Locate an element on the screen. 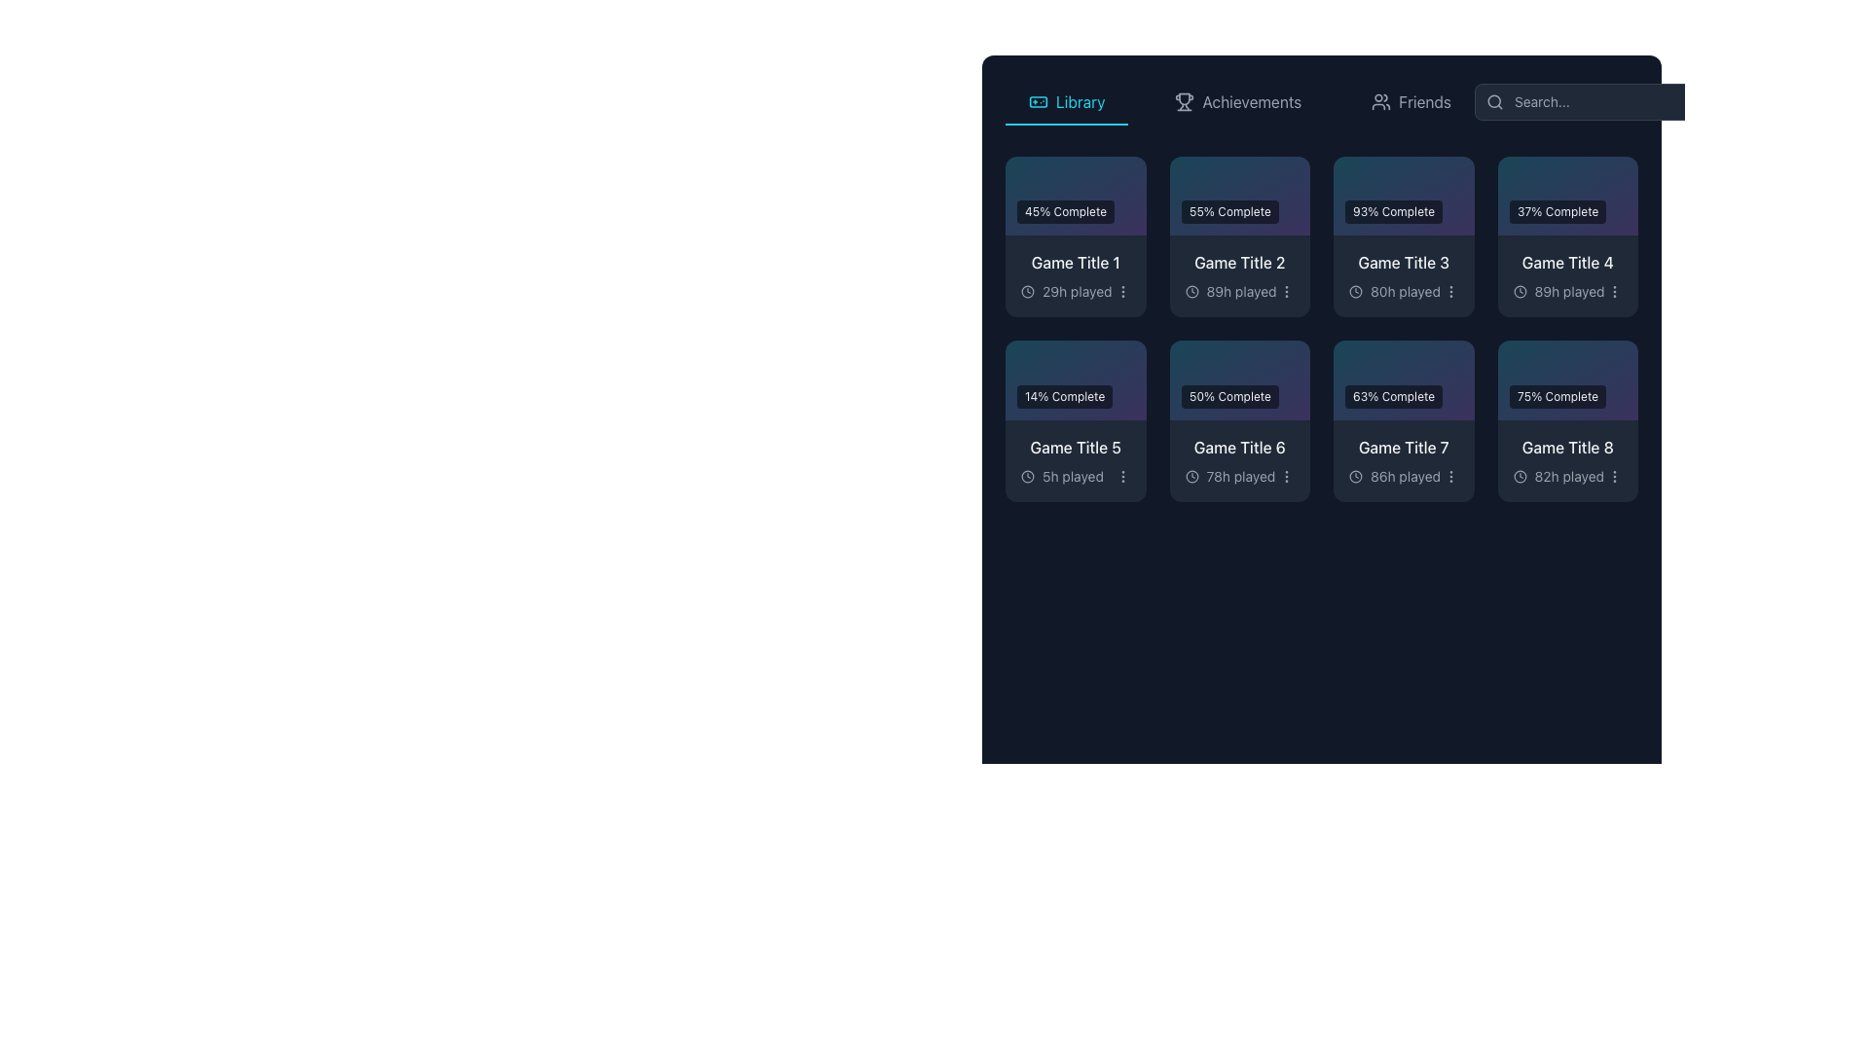  text content of the progress indicator label located in the bottom-left corner of the grid item containing game information is located at coordinates (1064, 212).